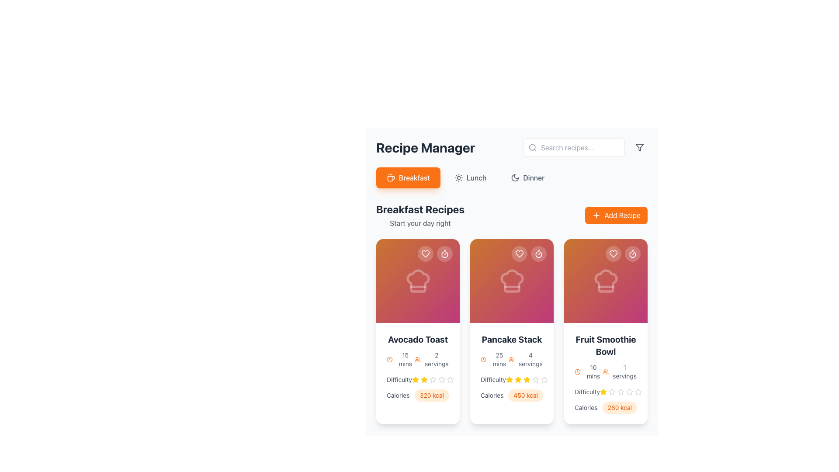 Image resolution: width=839 pixels, height=472 pixels. What do you see at coordinates (495, 359) in the screenshot?
I see `the informational label featuring a small orange clock icon and the text '25 mins' located in the top-right quadrant of the 'Pancake Stack' card` at bounding box center [495, 359].